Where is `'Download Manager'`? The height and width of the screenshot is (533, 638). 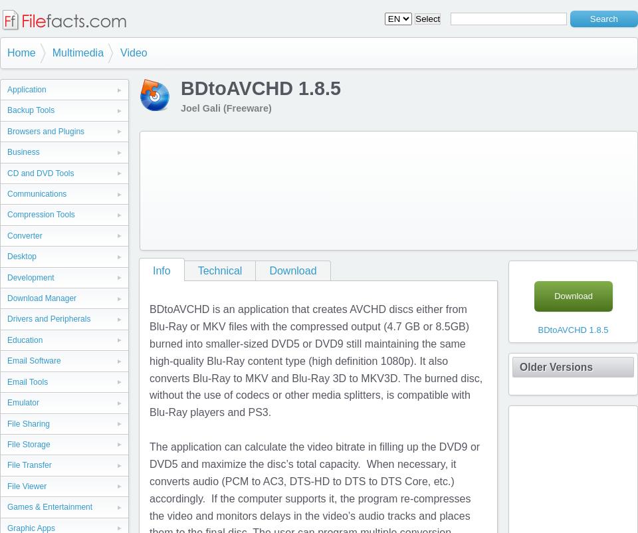
'Download Manager' is located at coordinates (41, 298).